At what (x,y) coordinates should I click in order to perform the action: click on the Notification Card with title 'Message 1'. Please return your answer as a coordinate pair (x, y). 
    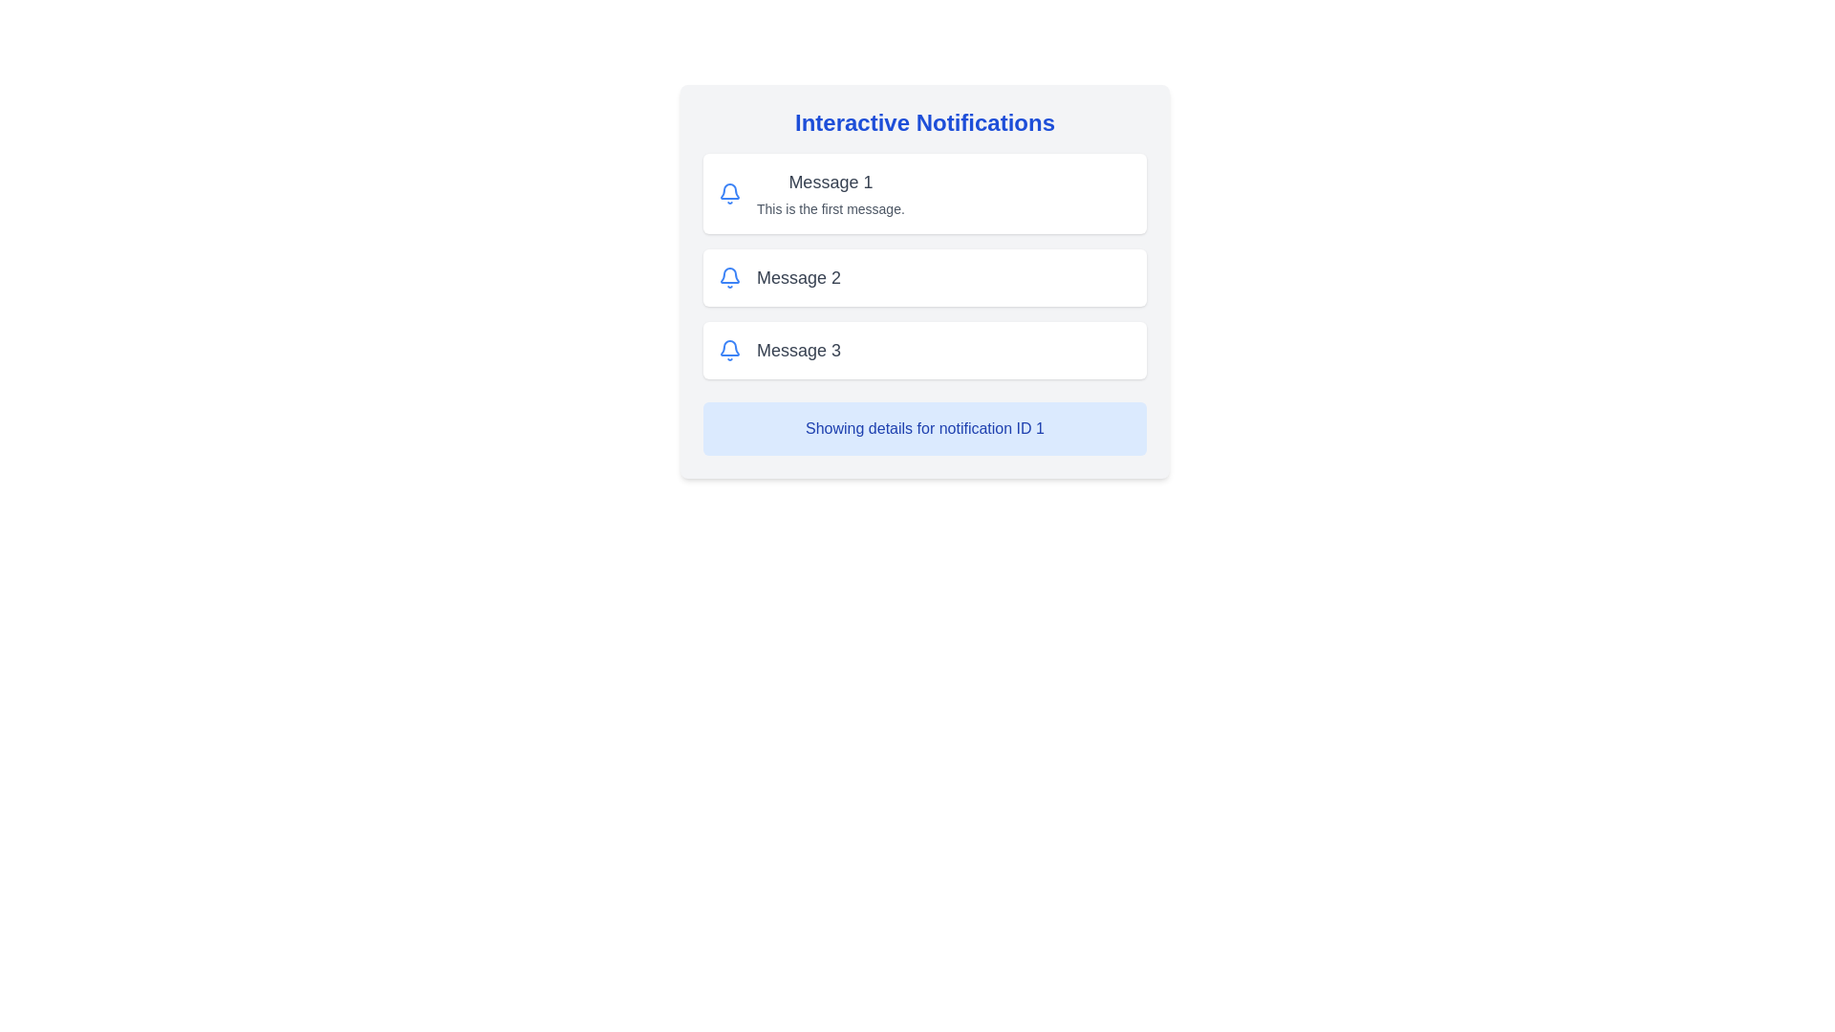
    Looking at the image, I should click on (925, 194).